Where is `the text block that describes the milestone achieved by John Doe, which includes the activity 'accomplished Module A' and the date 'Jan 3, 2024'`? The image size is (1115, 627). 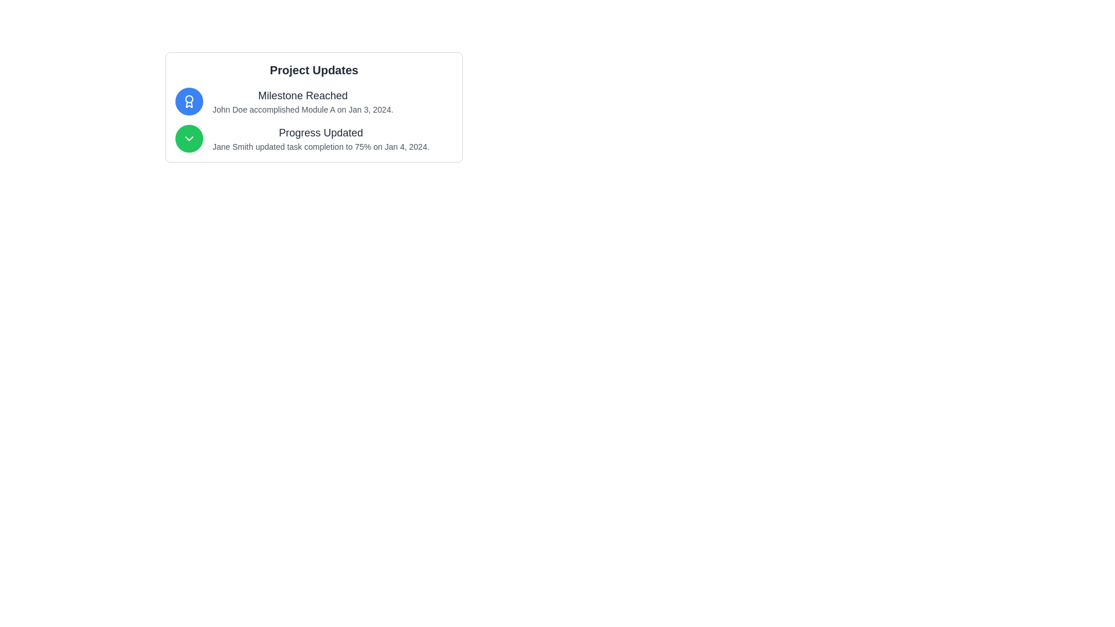 the text block that describes the milestone achieved by John Doe, which includes the activity 'accomplished Module A' and the date 'Jan 3, 2024' is located at coordinates (303, 110).